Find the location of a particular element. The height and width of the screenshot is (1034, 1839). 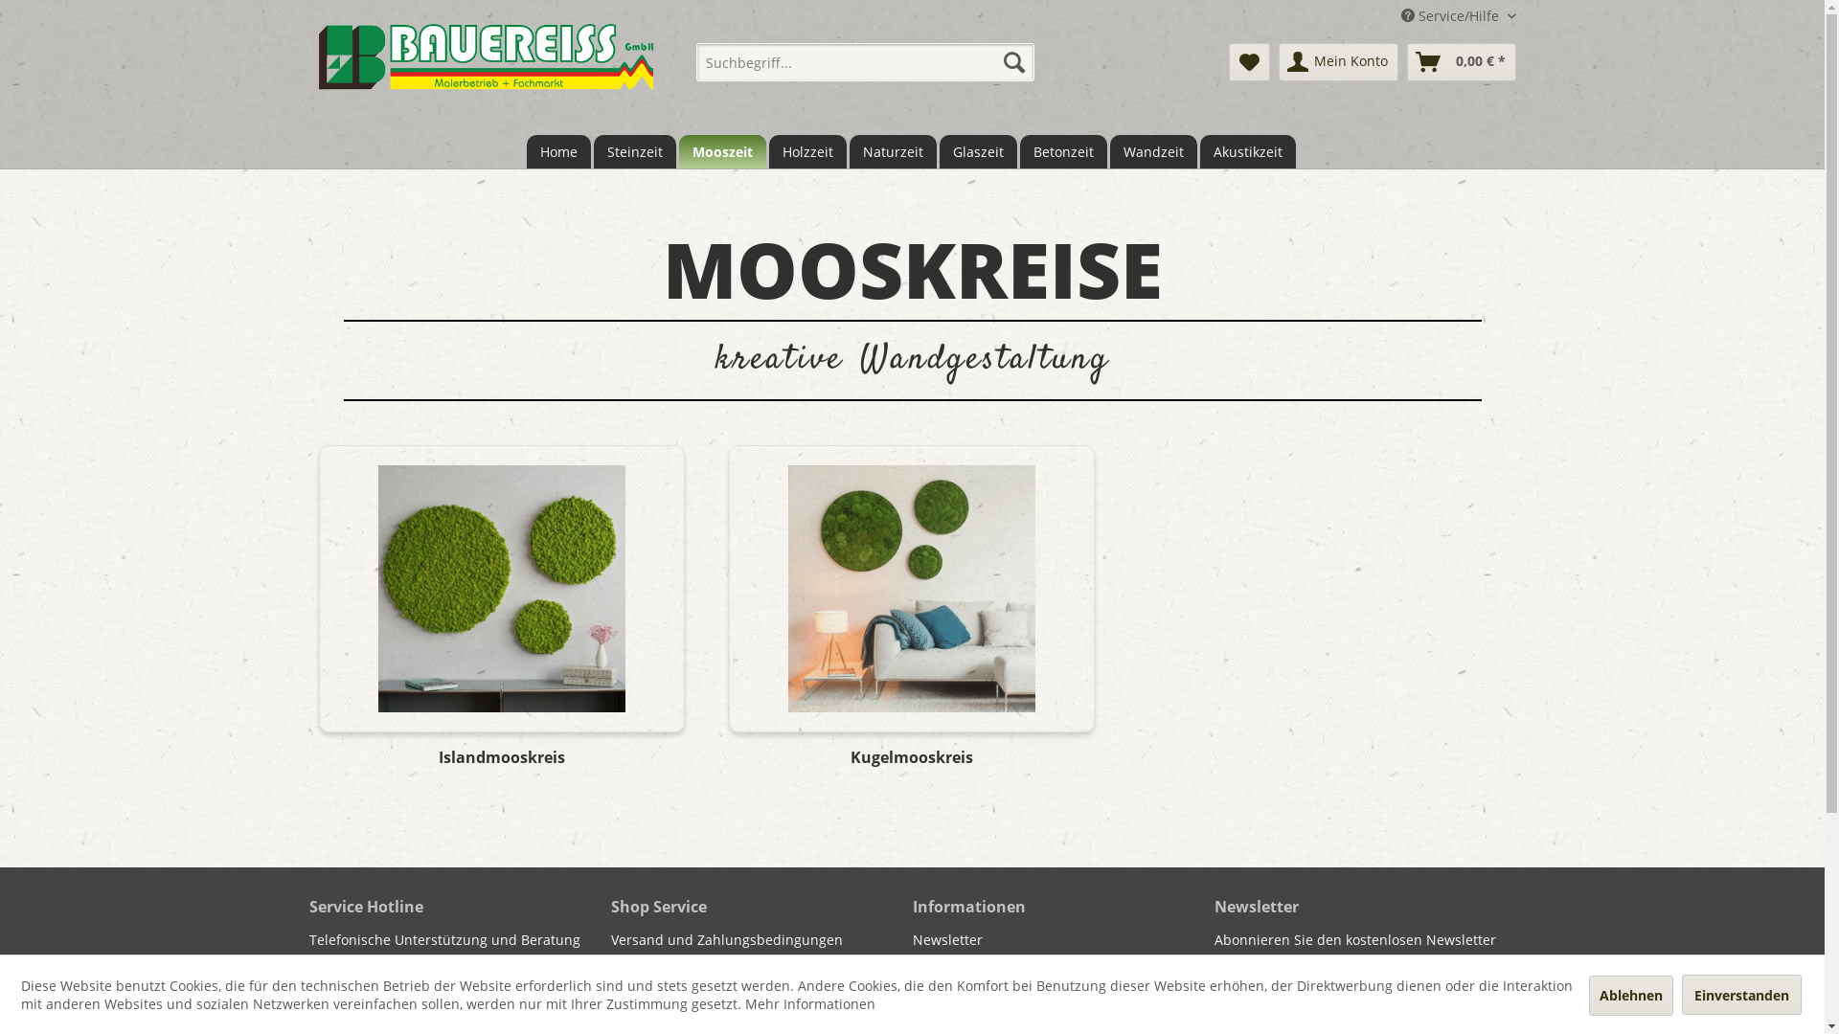

'Steinzeit' is located at coordinates (634, 150).